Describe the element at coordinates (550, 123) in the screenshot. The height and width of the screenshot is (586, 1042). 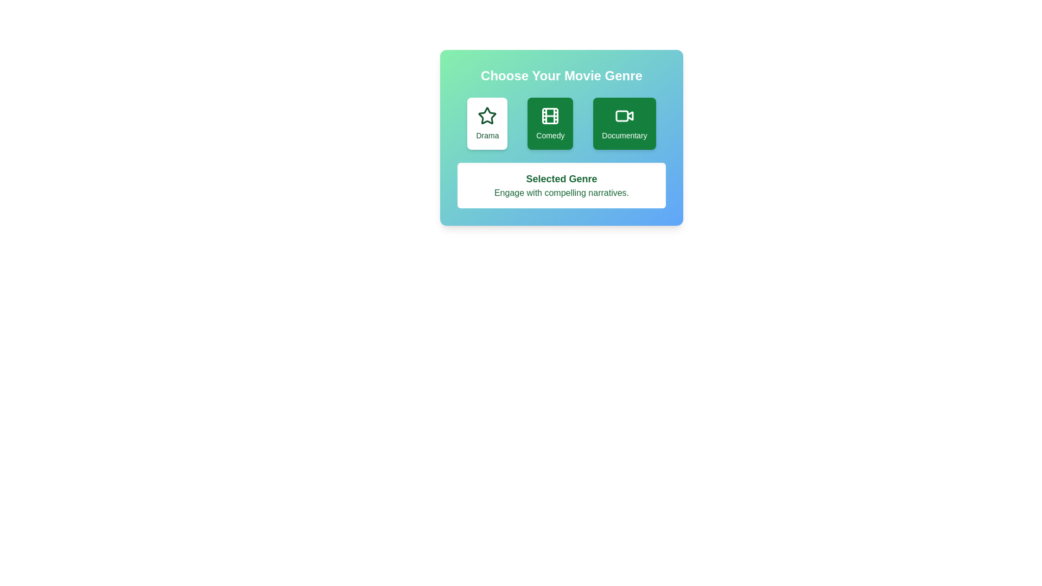
I see `the genre Comedy by clicking its corresponding button` at that location.